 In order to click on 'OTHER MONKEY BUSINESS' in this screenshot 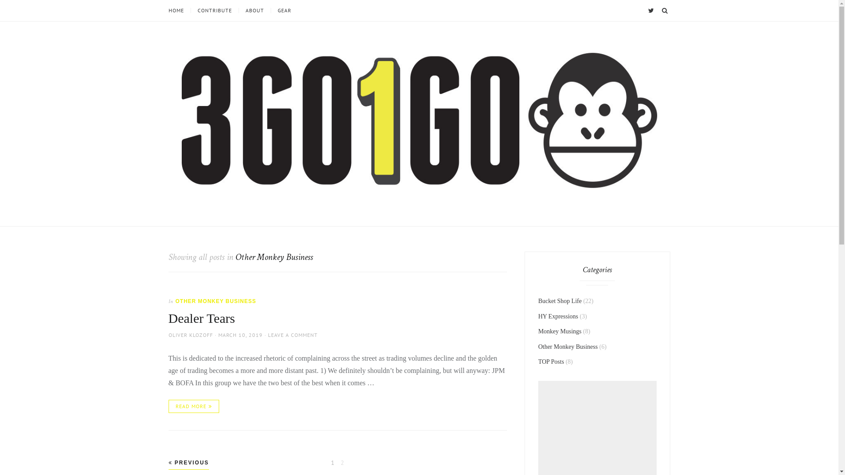, I will do `click(215, 301)`.